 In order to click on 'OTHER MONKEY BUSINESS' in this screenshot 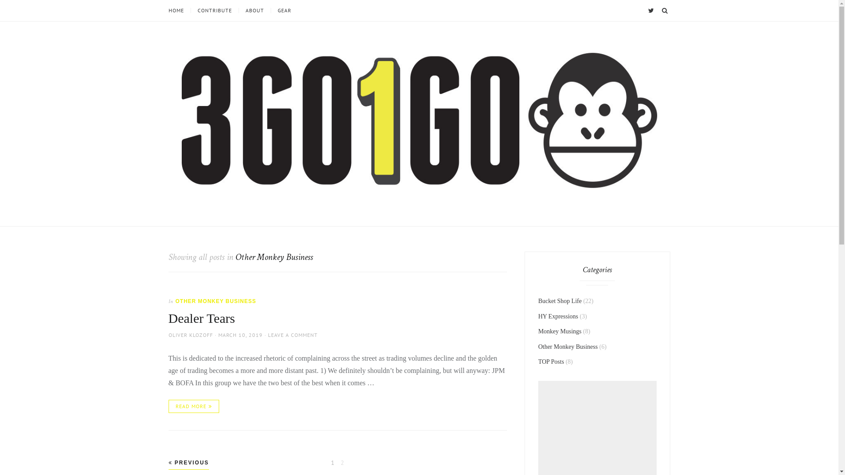, I will do `click(215, 301)`.